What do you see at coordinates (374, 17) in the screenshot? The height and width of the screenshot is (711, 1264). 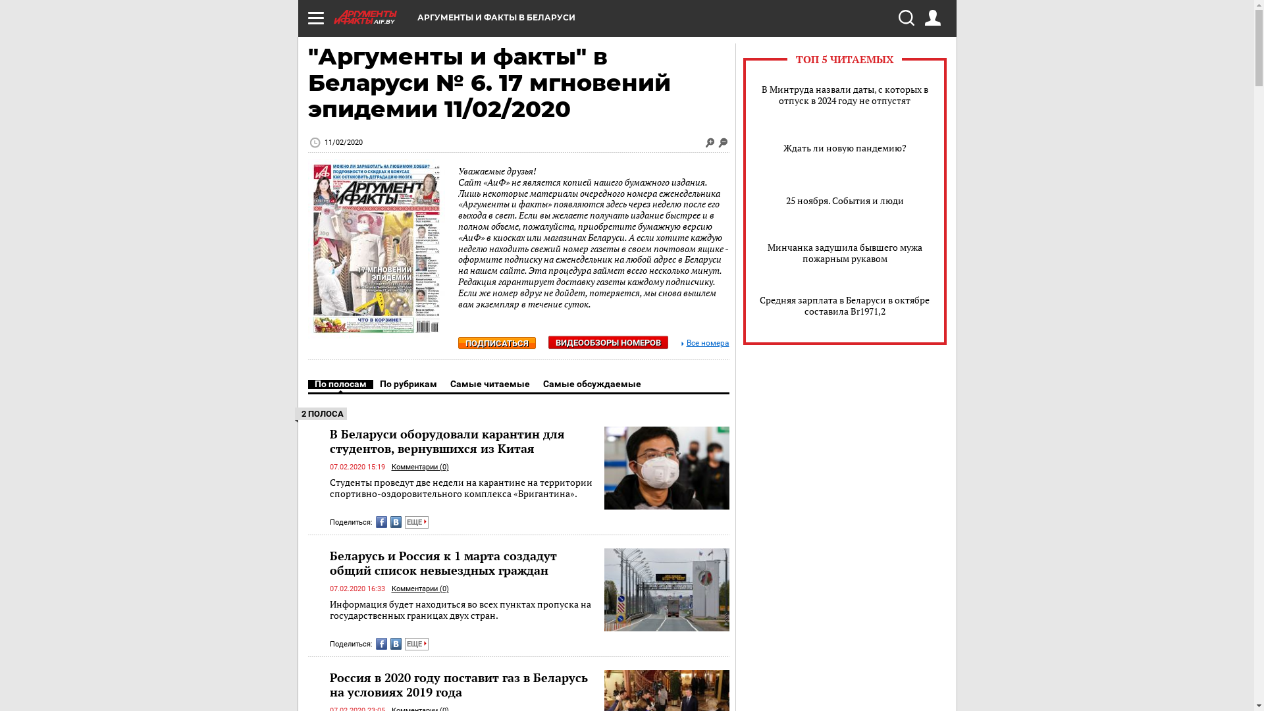 I see `'AIF.BY'` at bounding box center [374, 17].